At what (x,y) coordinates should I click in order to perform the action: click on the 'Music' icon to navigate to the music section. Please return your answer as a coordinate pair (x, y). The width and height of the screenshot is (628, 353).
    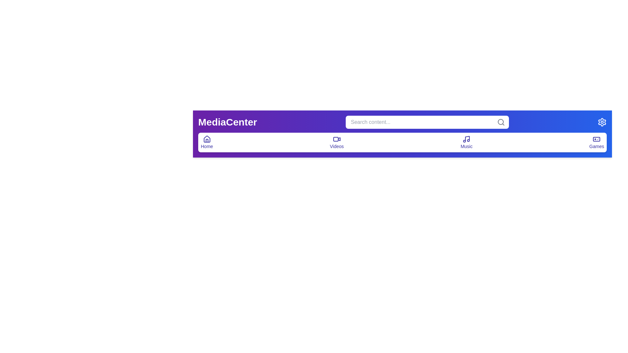
    Looking at the image, I should click on (466, 142).